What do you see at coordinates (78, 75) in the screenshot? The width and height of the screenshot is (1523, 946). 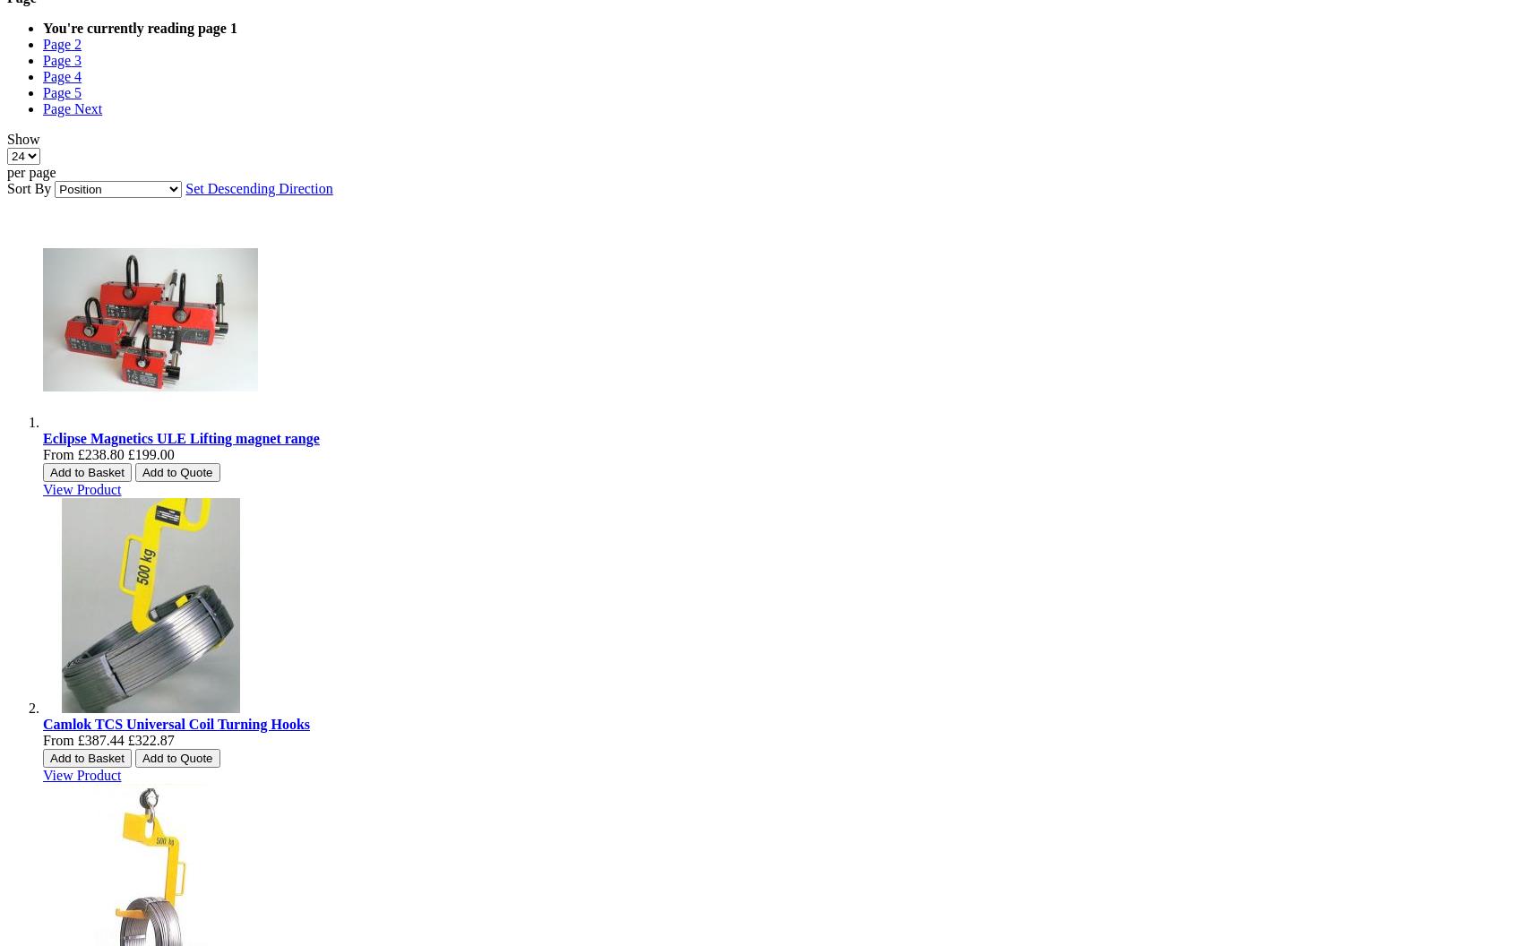 I see `'4'` at bounding box center [78, 75].